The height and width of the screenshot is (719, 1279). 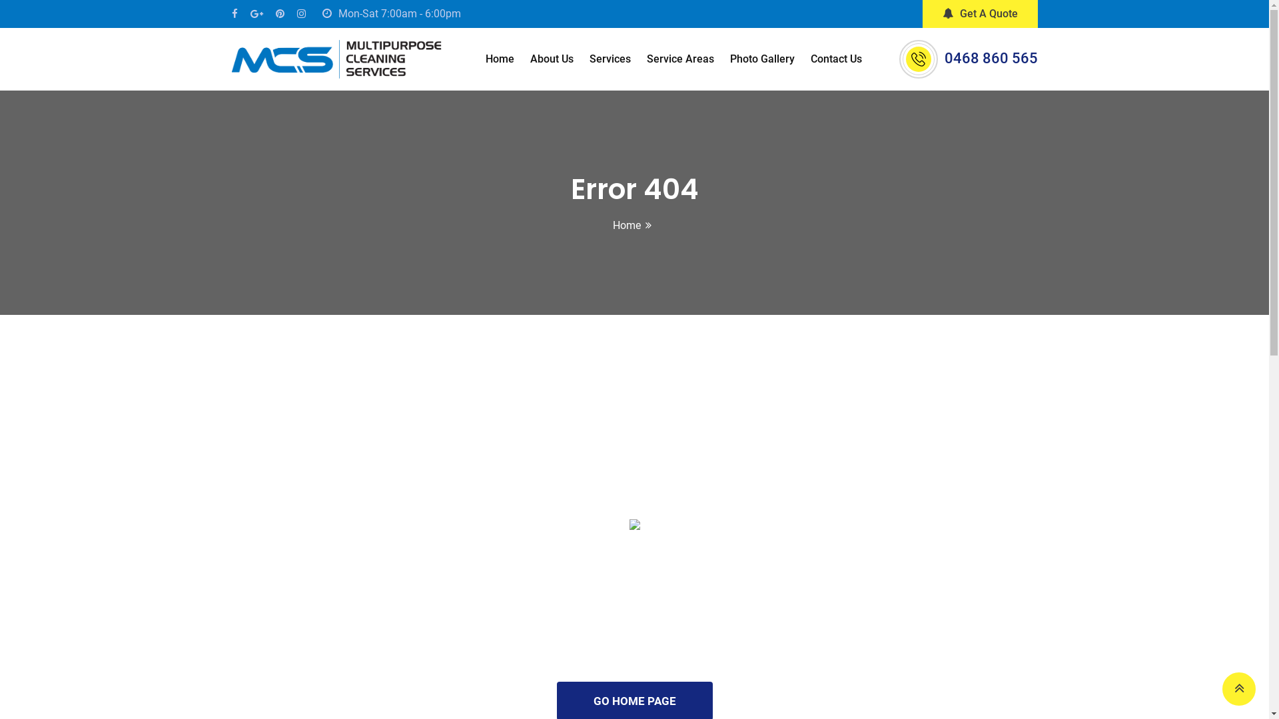 What do you see at coordinates (499, 58) in the screenshot?
I see `'Home'` at bounding box center [499, 58].